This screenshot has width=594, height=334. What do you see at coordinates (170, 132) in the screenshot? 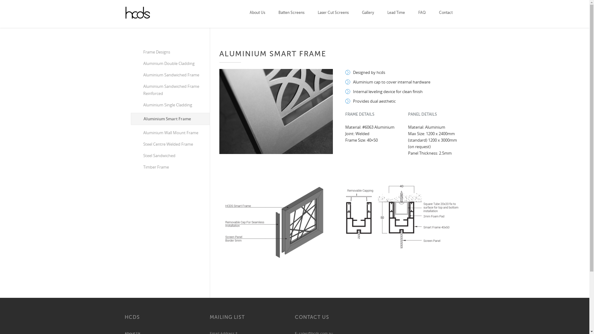
I see `'Aluminium Wall Mount Frame'` at bounding box center [170, 132].